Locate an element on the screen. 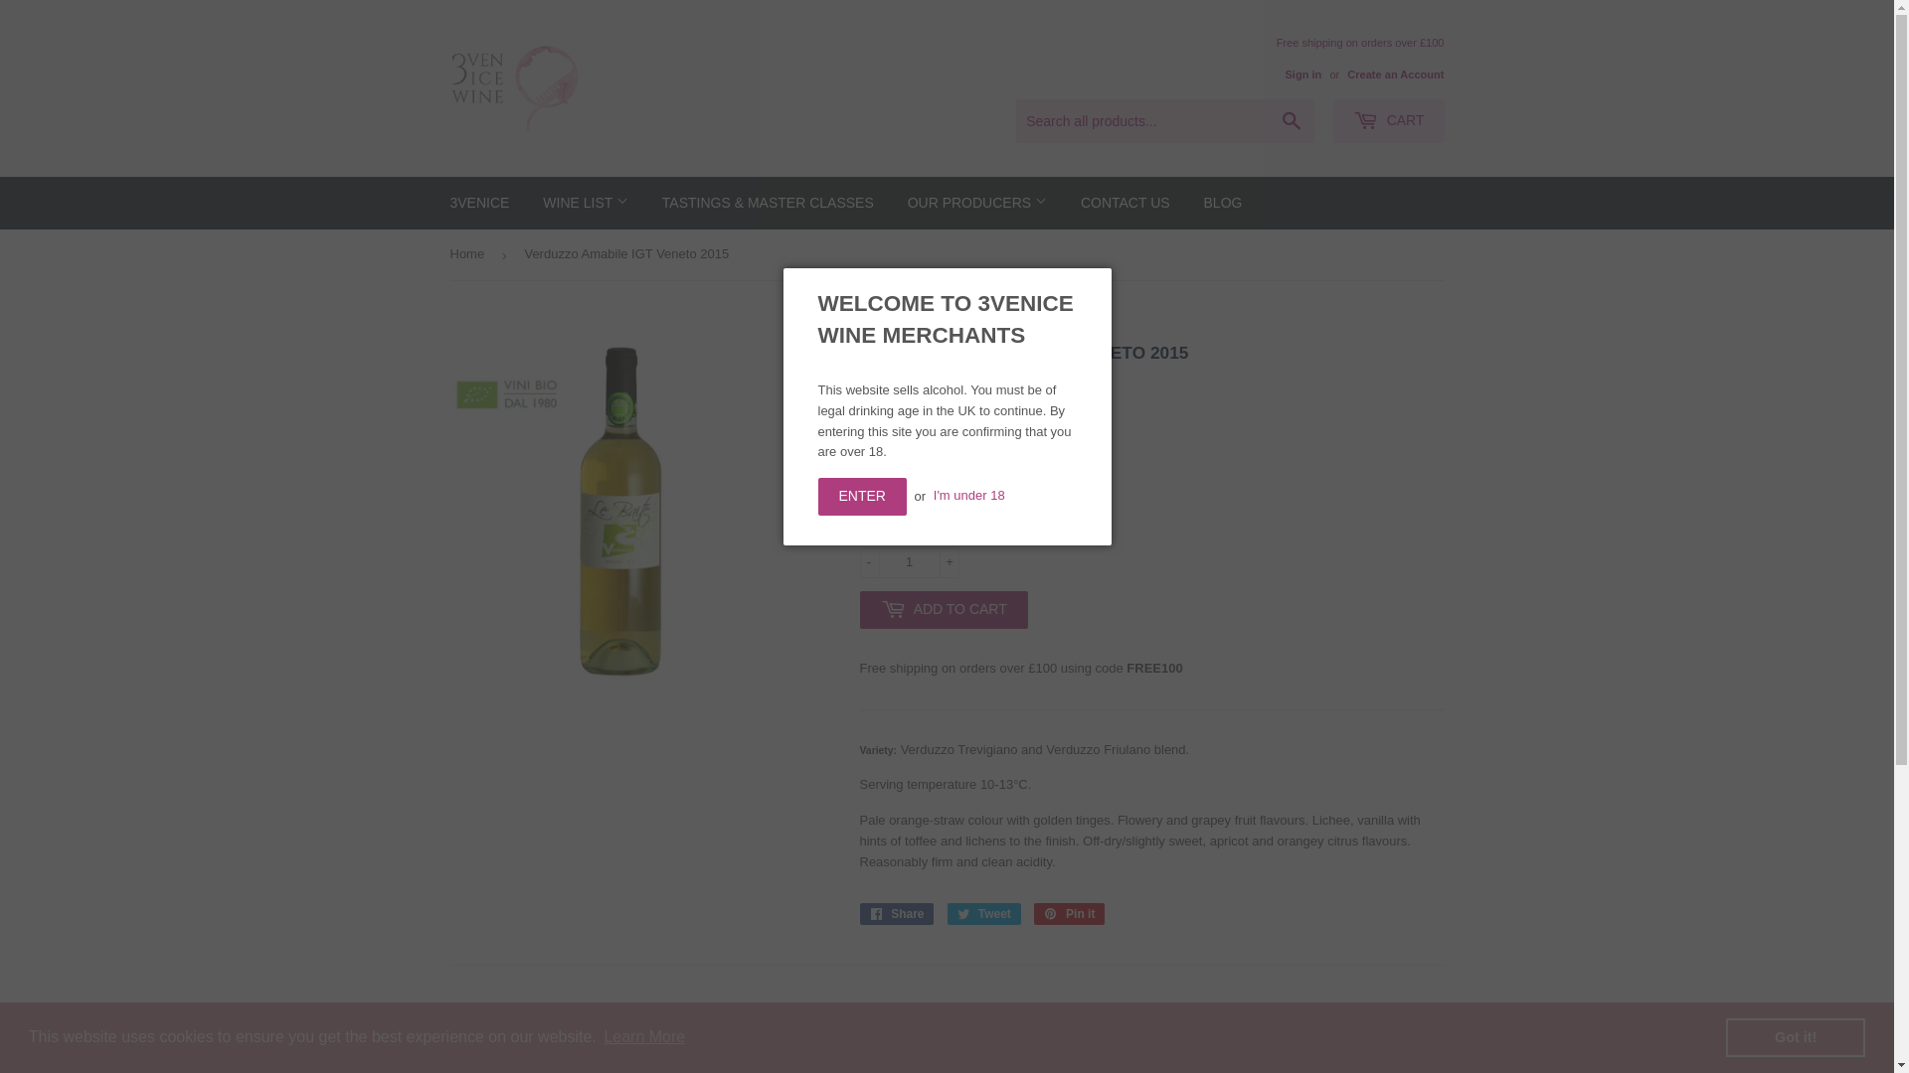 The image size is (1909, 1073). 'CART' is located at coordinates (1387, 121).